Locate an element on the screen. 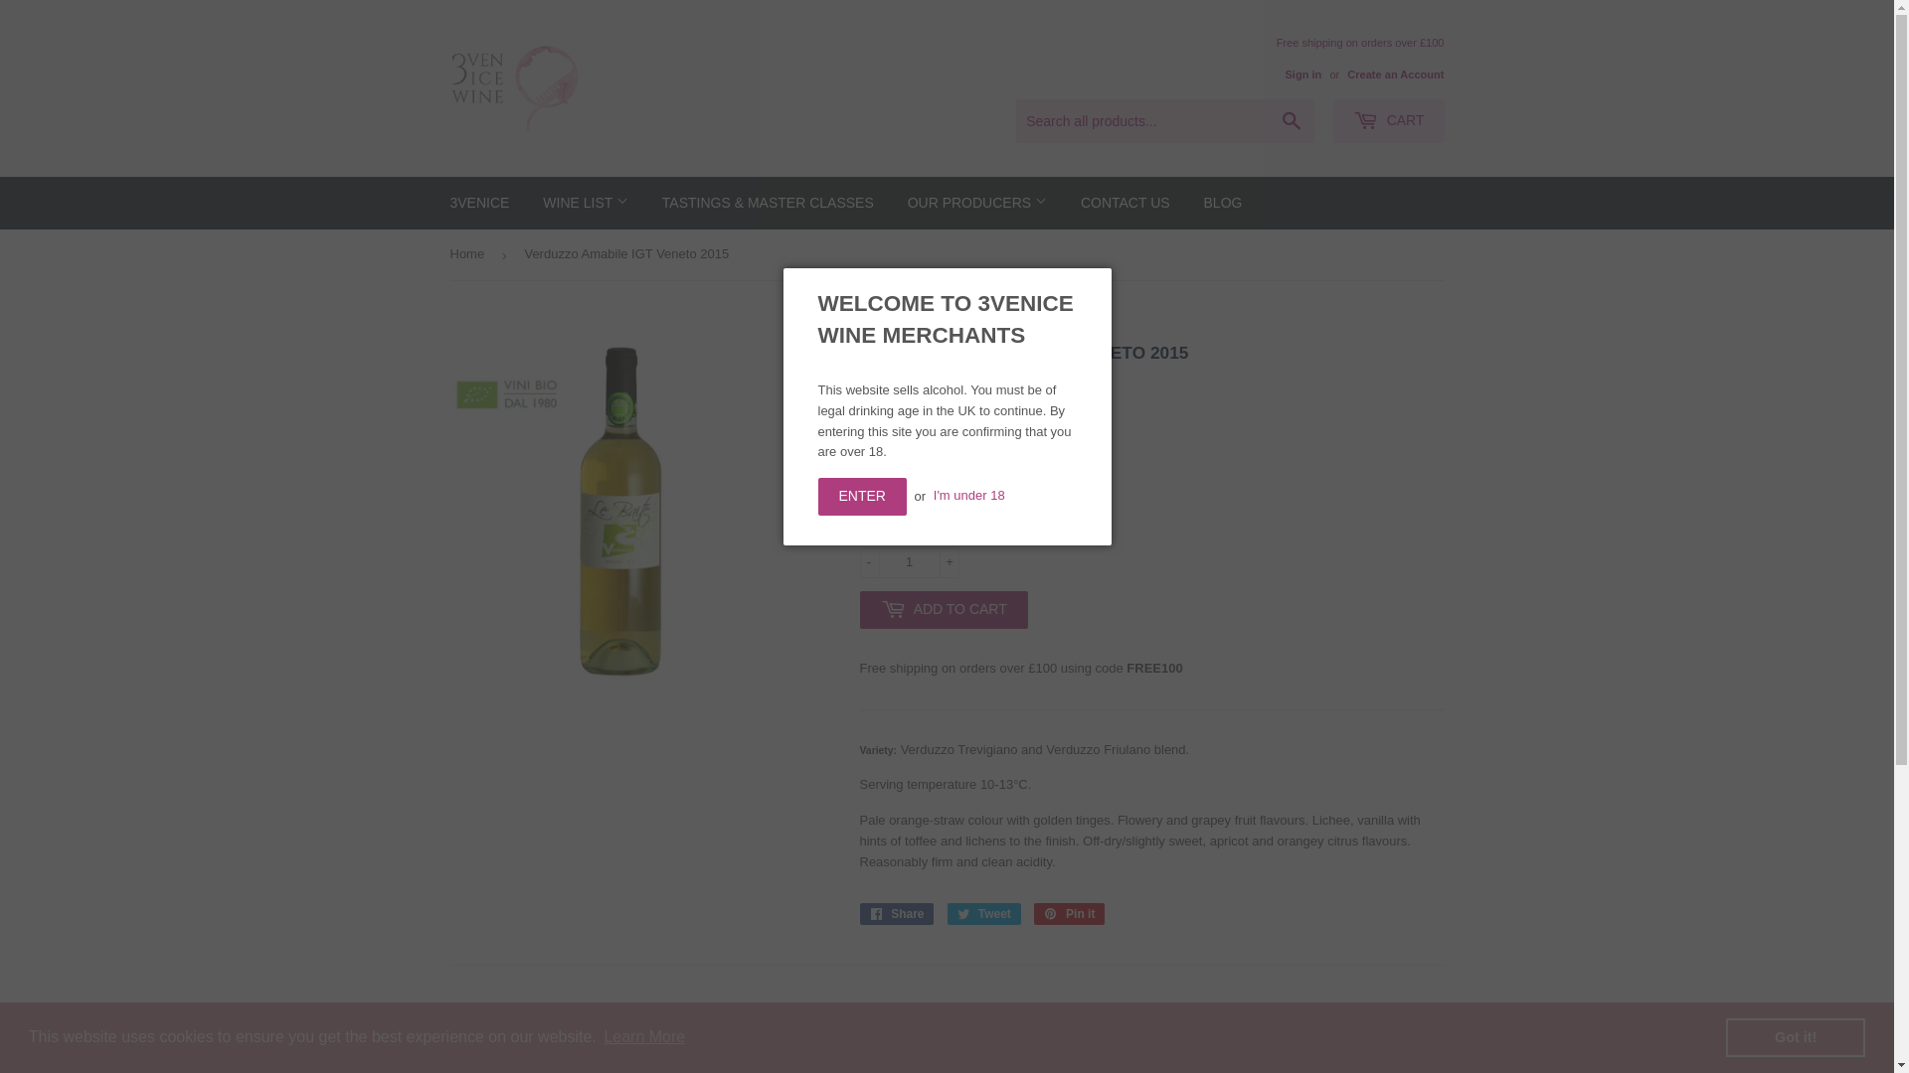 The image size is (1909, 1073). 'CART' is located at coordinates (1387, 121).